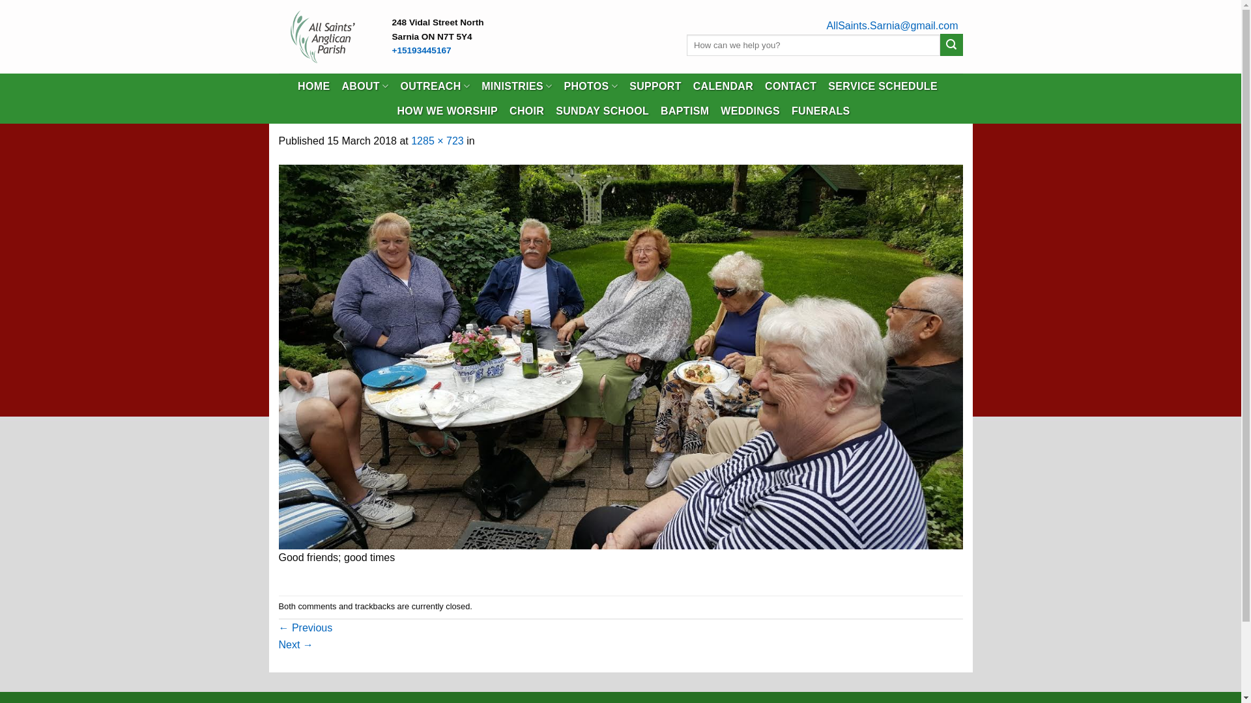 This screenshot has width=1251, height=703. I want to click on 'CALENDAR', so click(722, 86).